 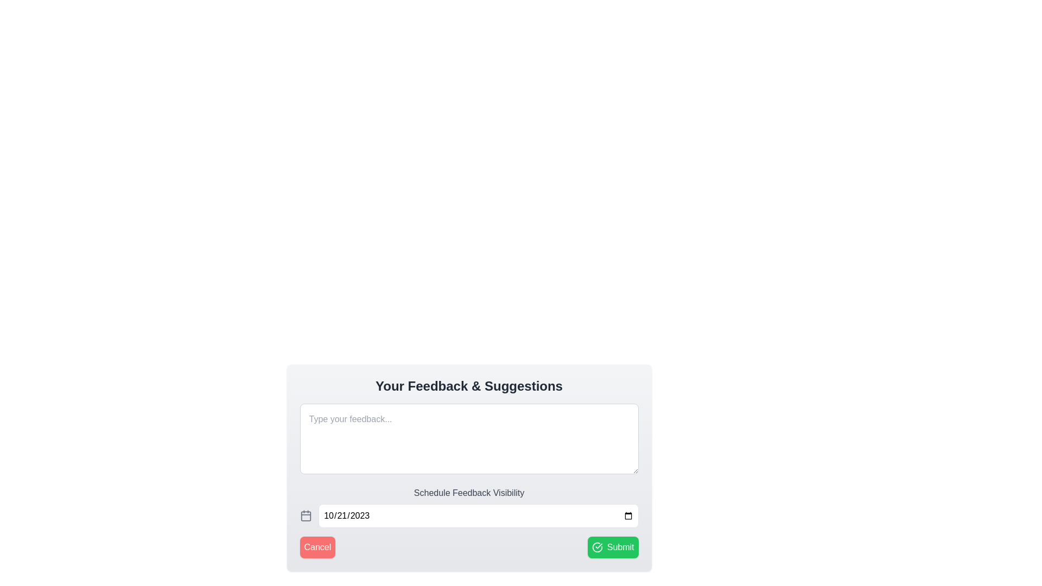 I want to click on the SVG-based calendar icon located, so click(x=305, y=515).